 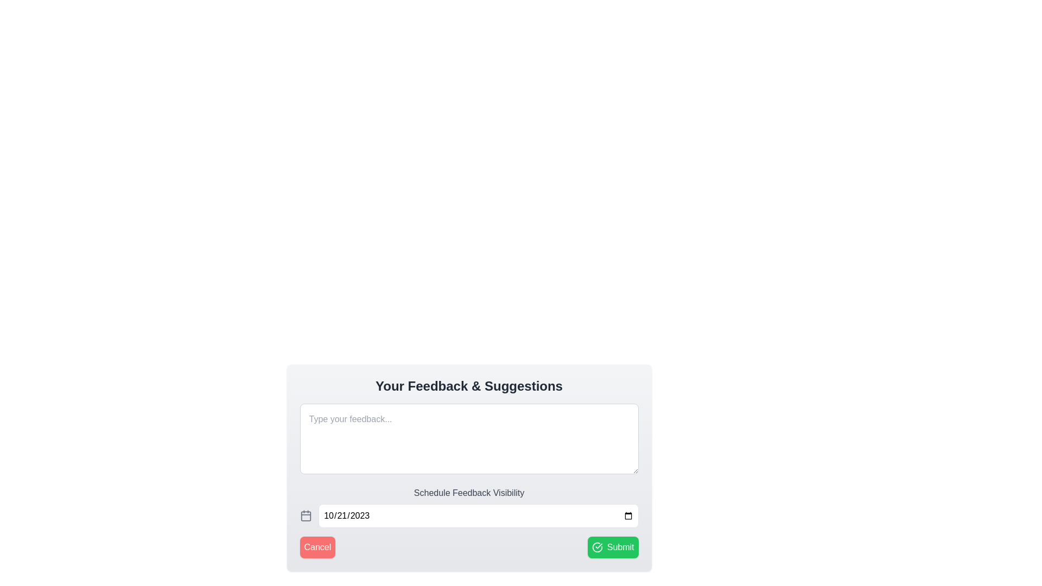 I want to click on the SVG-based calendar icon located, so click(x=305, y=515).